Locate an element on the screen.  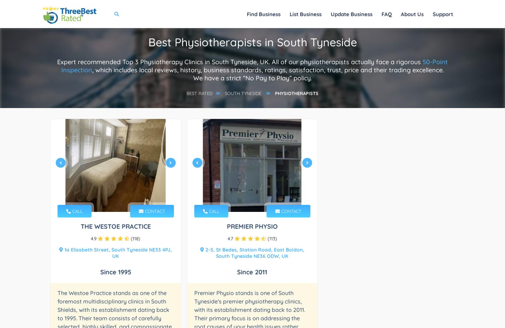
'Best Physiotherapists in South Tyneside' is located at coordinates (148, 41).